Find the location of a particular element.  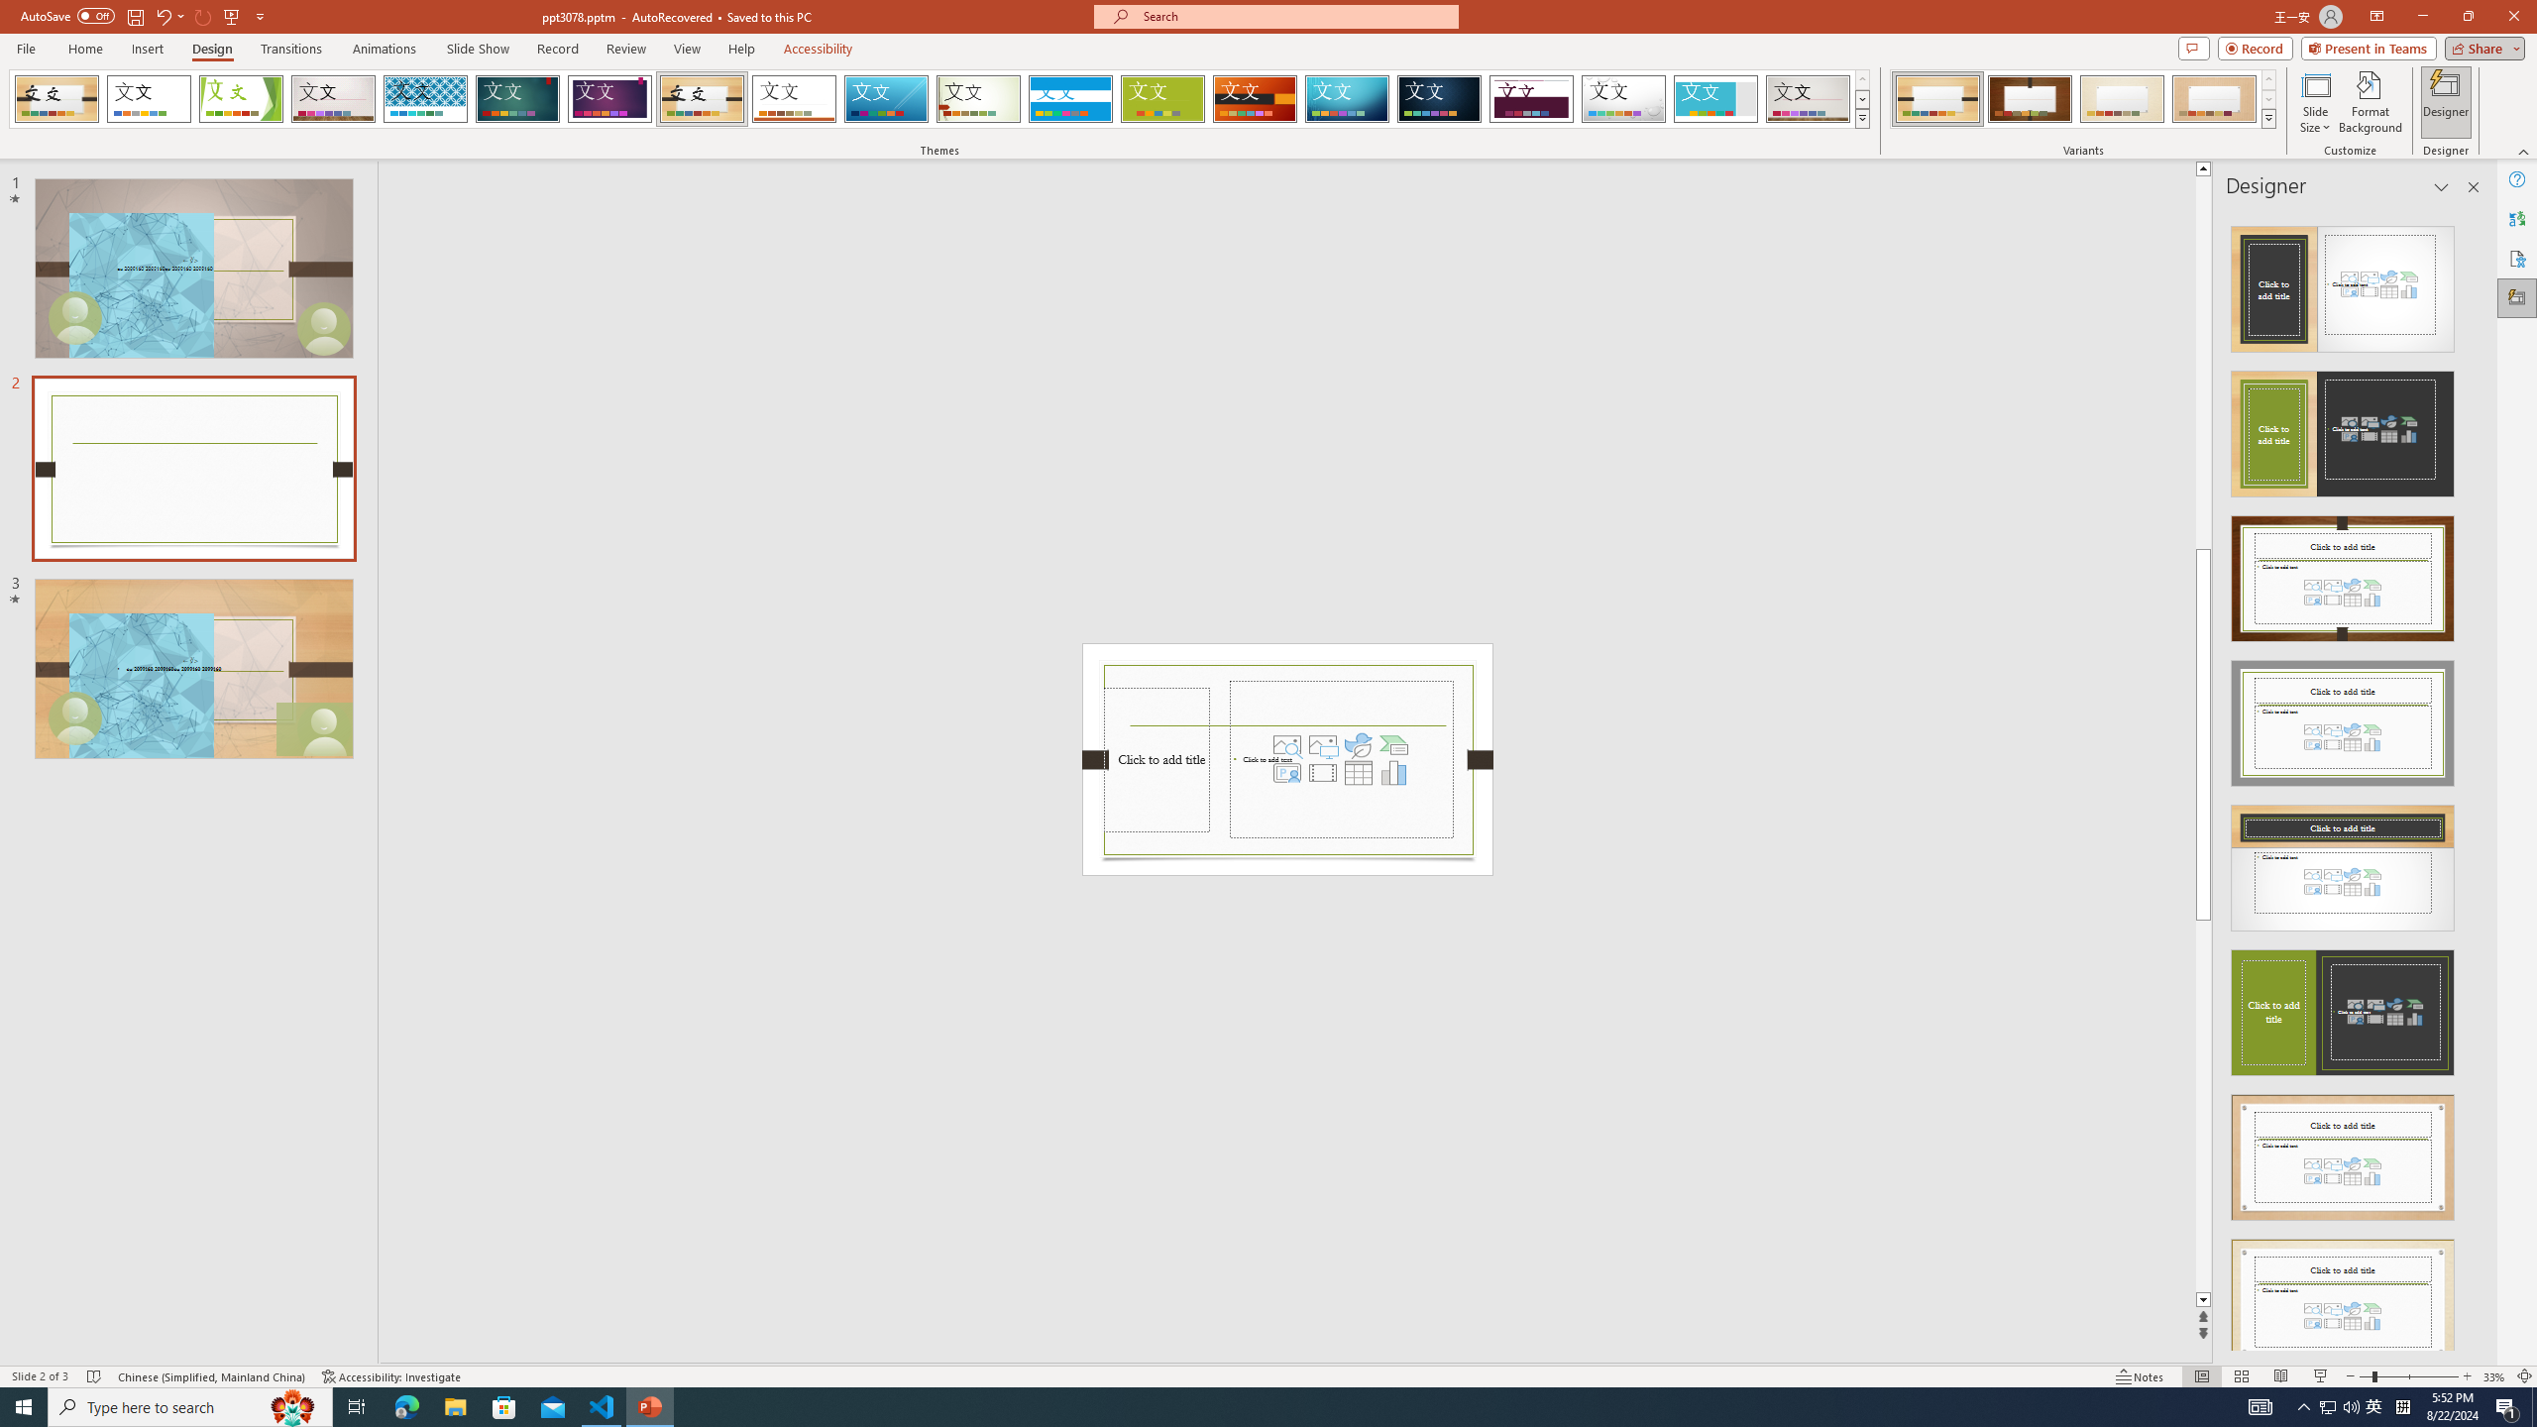

'Berlin' is located at coordinates (1256, 98).